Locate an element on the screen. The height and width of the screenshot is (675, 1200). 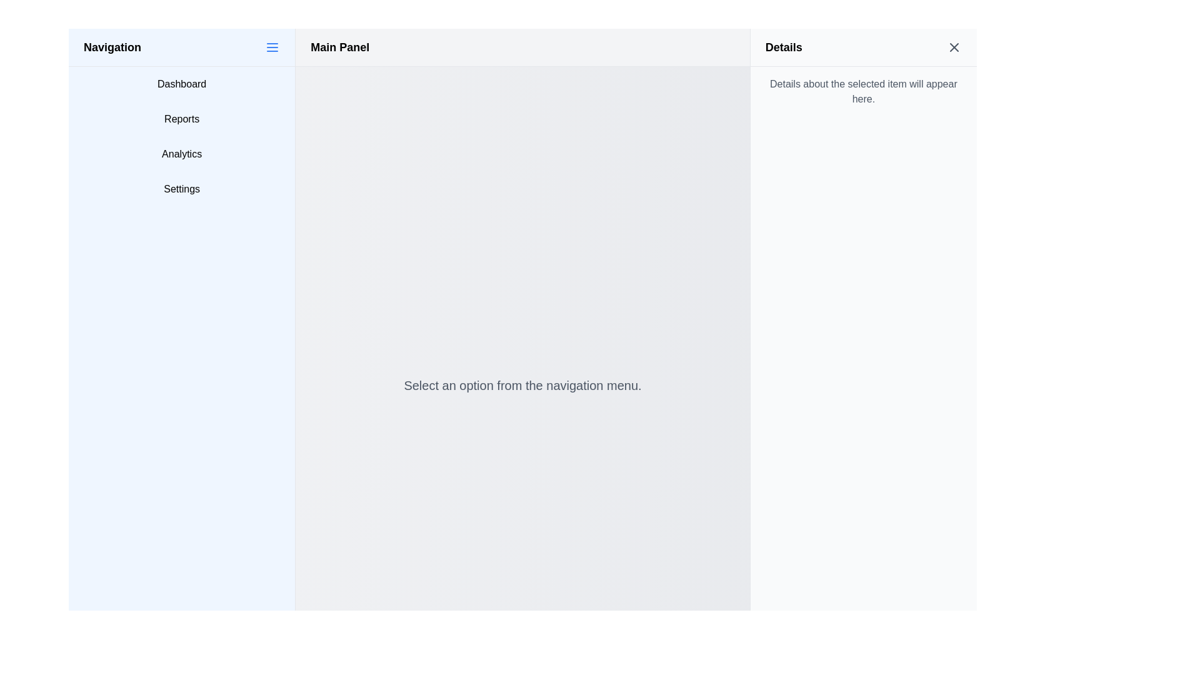
the static text element located in the top-right header section, adjacent to the close 'X' icon is located at coordinates (783, 47).